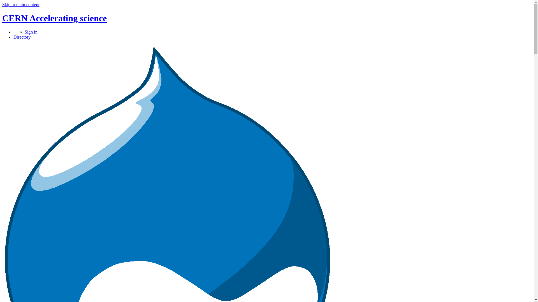 The image size is (538, 302). Describe the element at coordinates (54, 18) in the screenshot. I see `'CERN Accelerating science'` at that location.